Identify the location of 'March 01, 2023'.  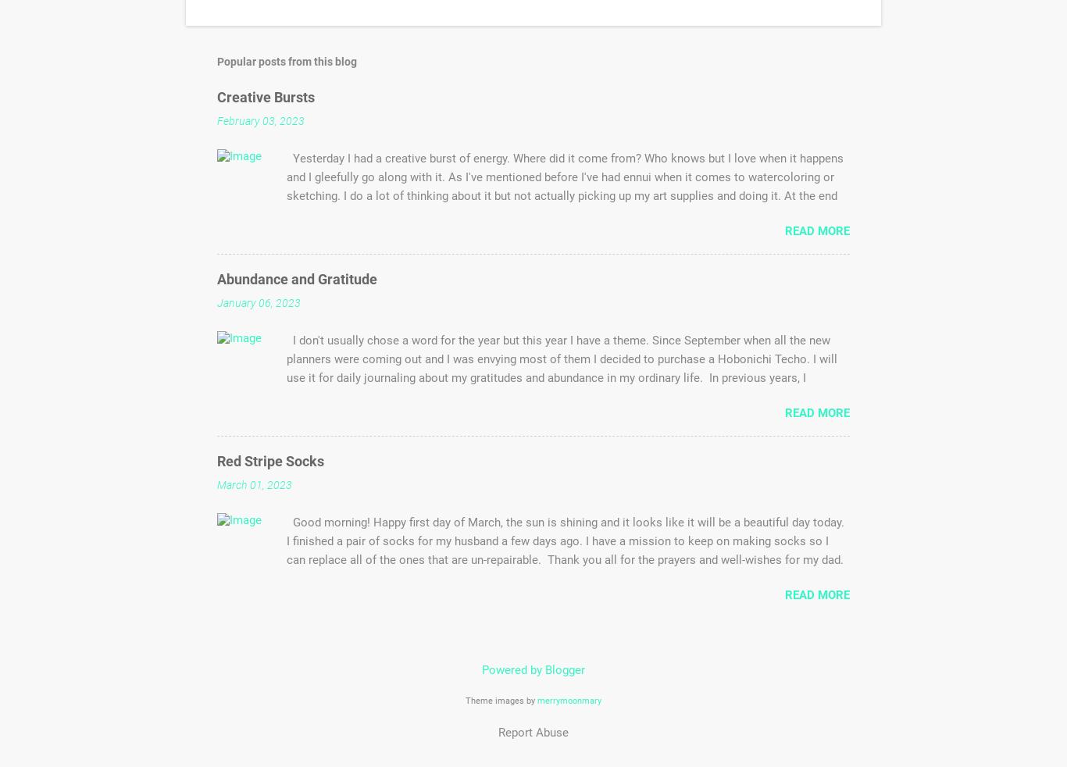
(255, 484).